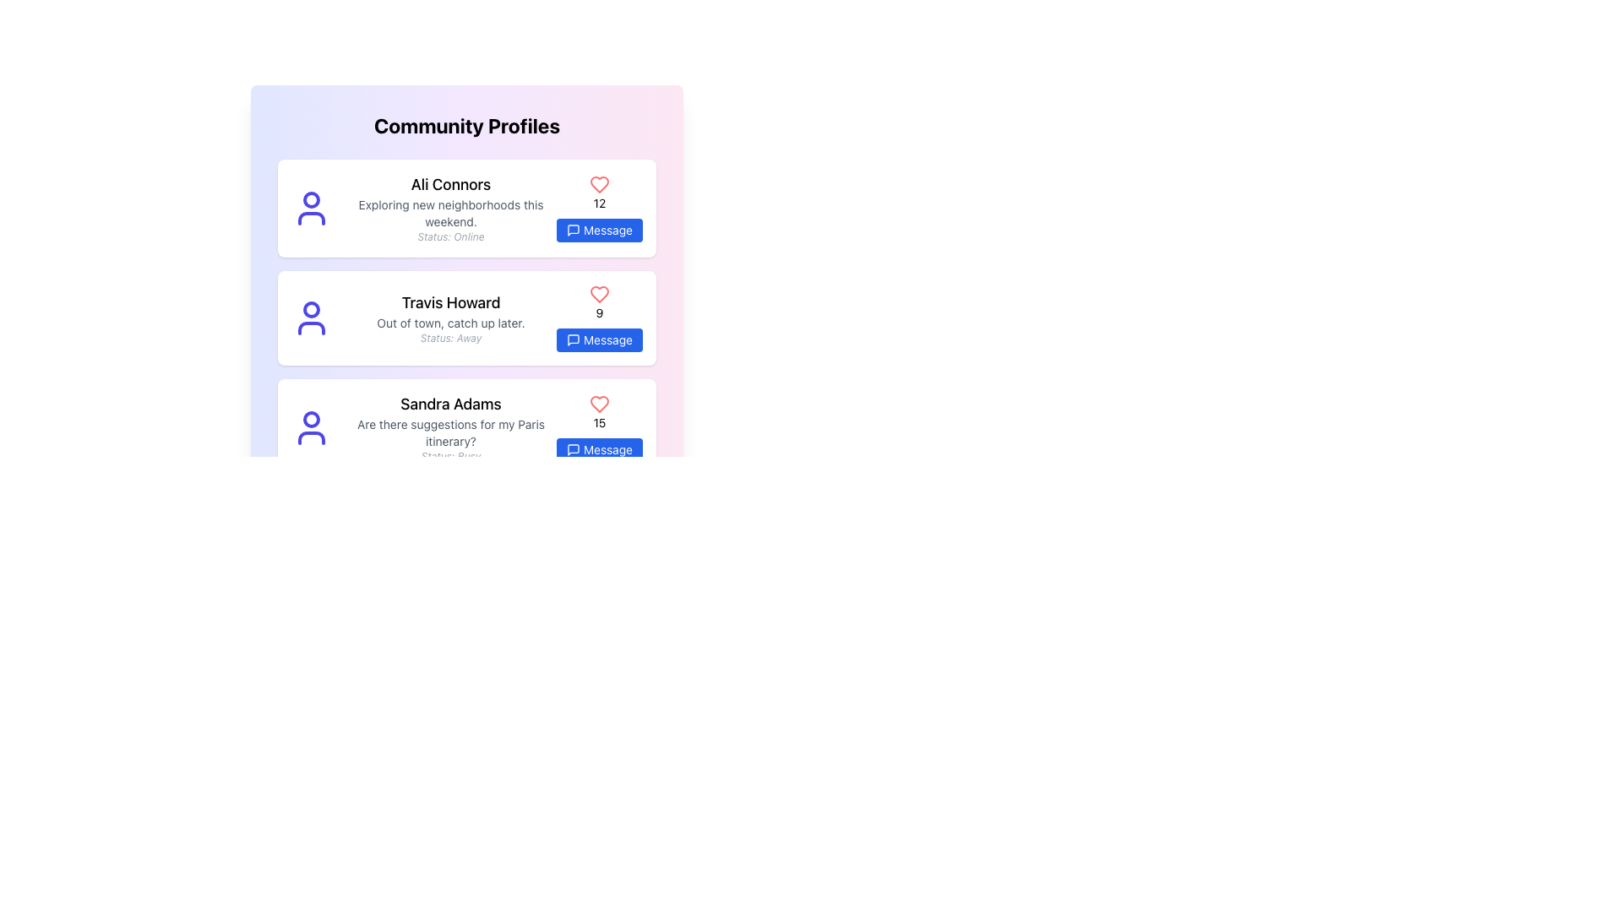 This screenshot has width=1622, height=912. I want to click on the upper circular part of the user icon in the first user profile card under 'Community Profiles', so click(312, 198).